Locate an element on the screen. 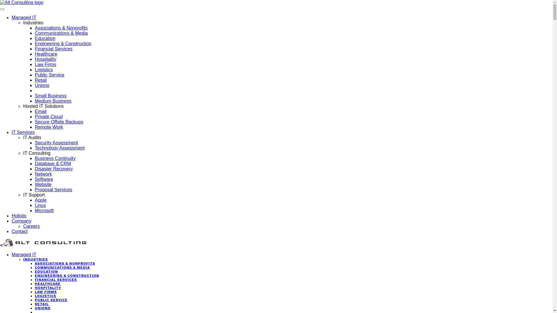  'FINANCIAL SERVICES' is located at coordinates (56, 279).